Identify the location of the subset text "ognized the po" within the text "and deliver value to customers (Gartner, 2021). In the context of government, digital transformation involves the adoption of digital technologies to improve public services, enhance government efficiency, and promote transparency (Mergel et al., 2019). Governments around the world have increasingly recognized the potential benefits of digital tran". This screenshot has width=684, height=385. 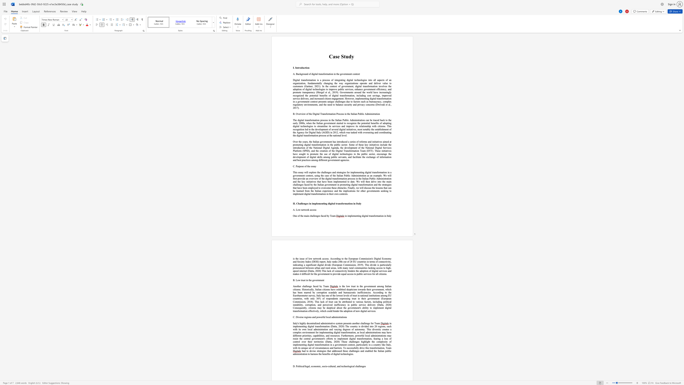
(296, 96).